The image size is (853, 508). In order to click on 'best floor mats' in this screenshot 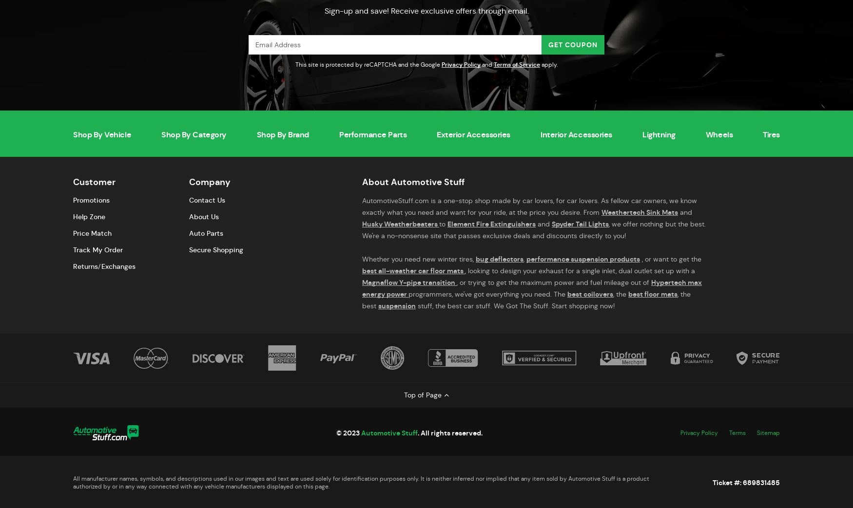, I will do `click(653, 294)`.